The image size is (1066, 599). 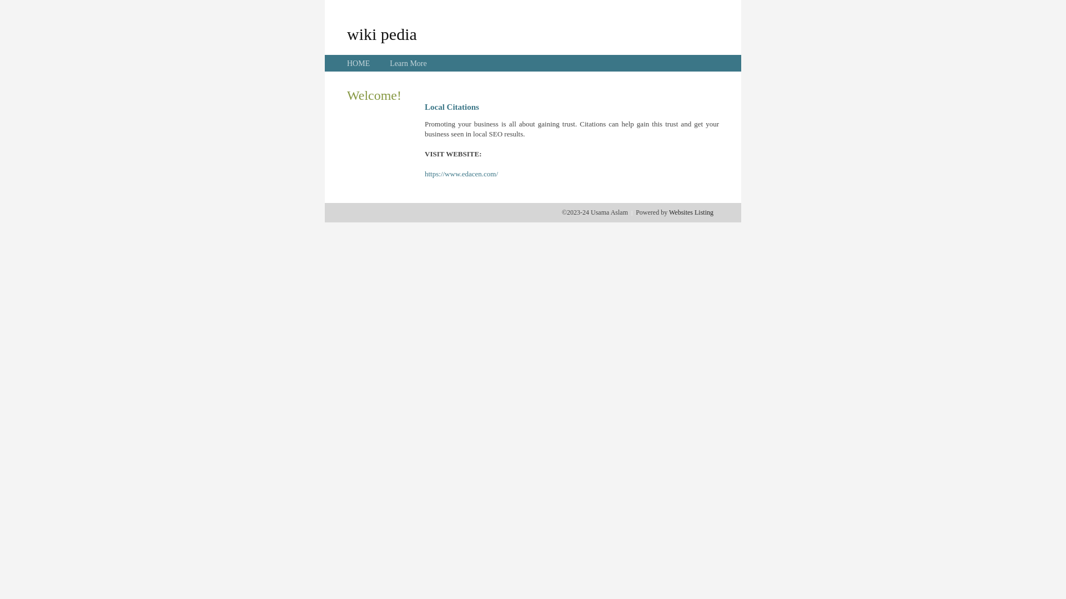 I want to click on 'Learn More', so click(x=407, y=63).